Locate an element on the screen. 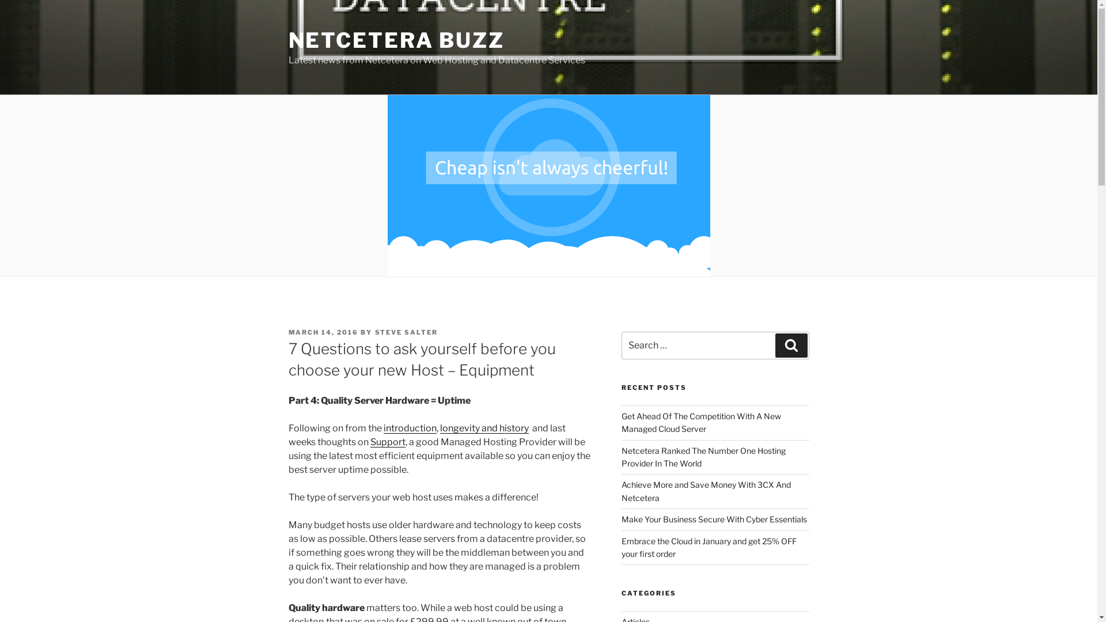 This screenshot has height=622, width=1106. 'Make Your Business Secure With Cyber Essentials' is located at coordinates (713, 519).